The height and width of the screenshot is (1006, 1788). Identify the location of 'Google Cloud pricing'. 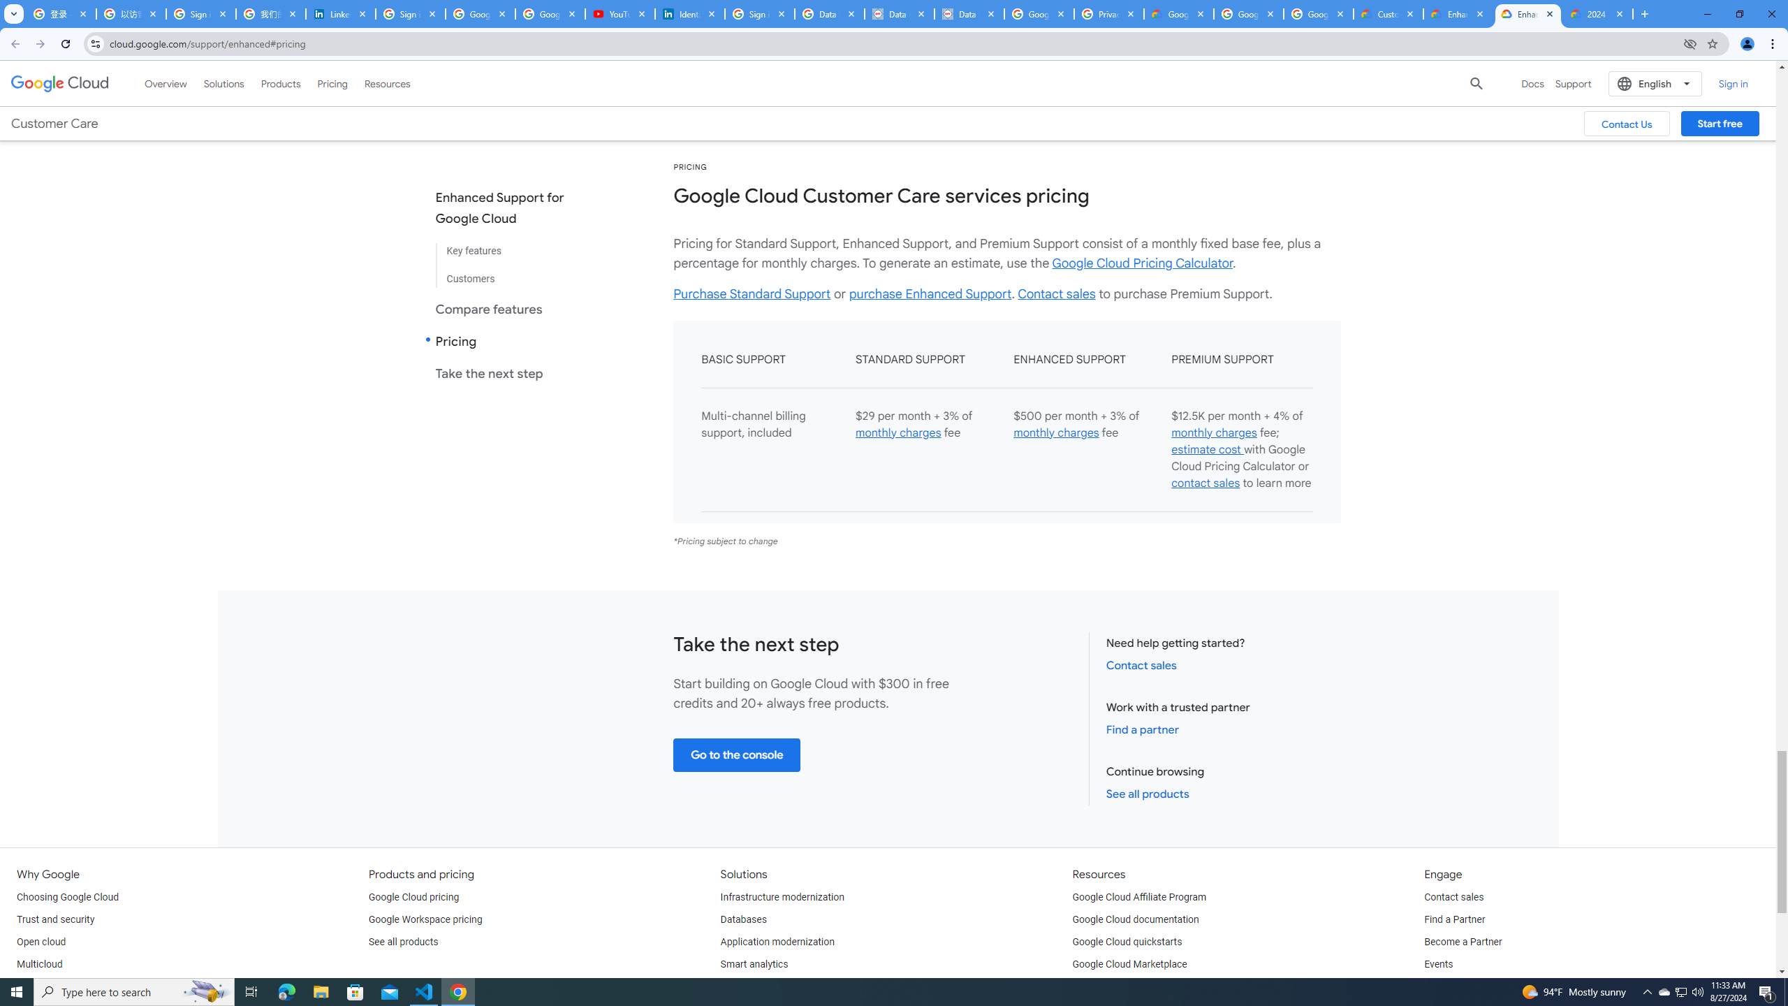
(413, 896).